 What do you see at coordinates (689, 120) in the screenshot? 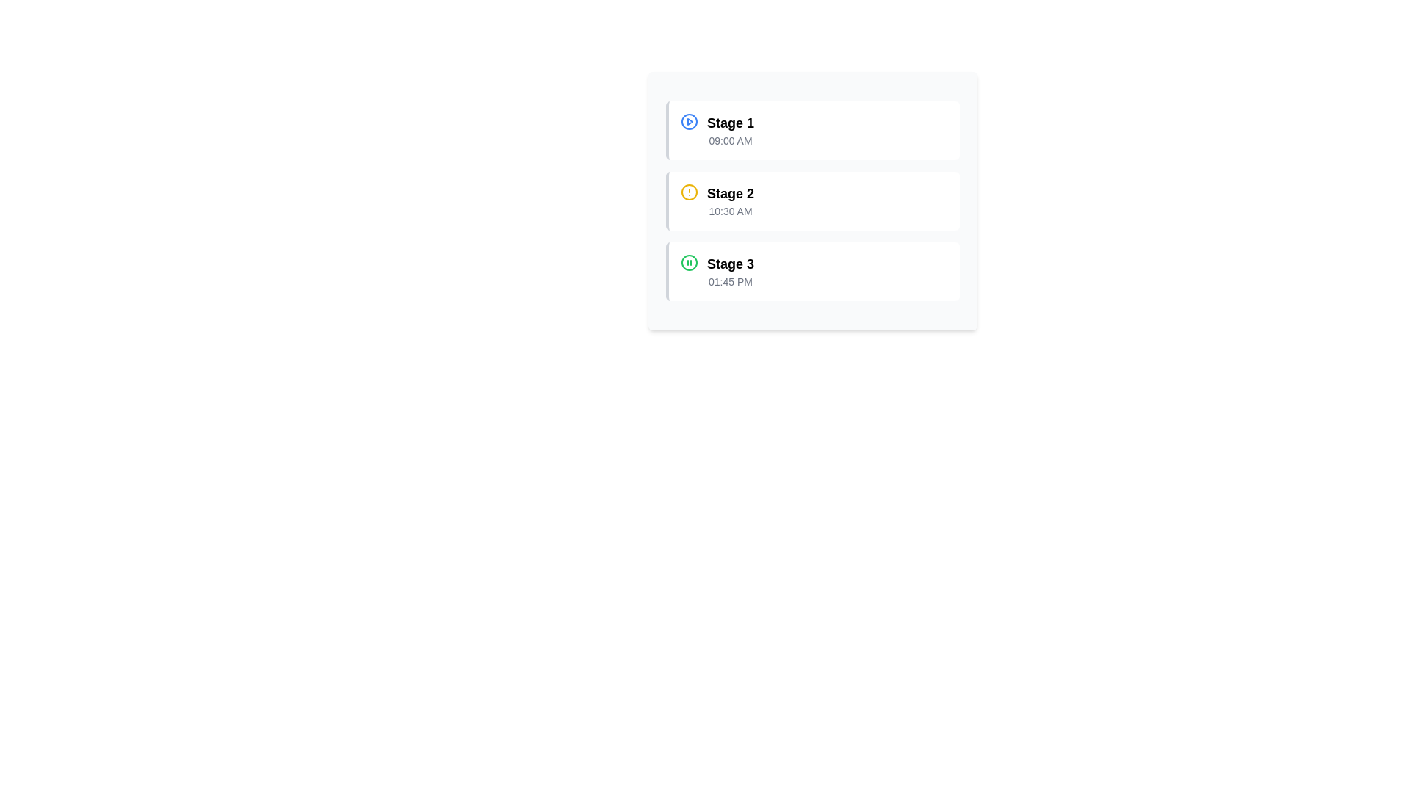
I see `the outer ring of the play icon represented by the SVG Circle in the first item of the vertical list` at bounding box center [689, 120].